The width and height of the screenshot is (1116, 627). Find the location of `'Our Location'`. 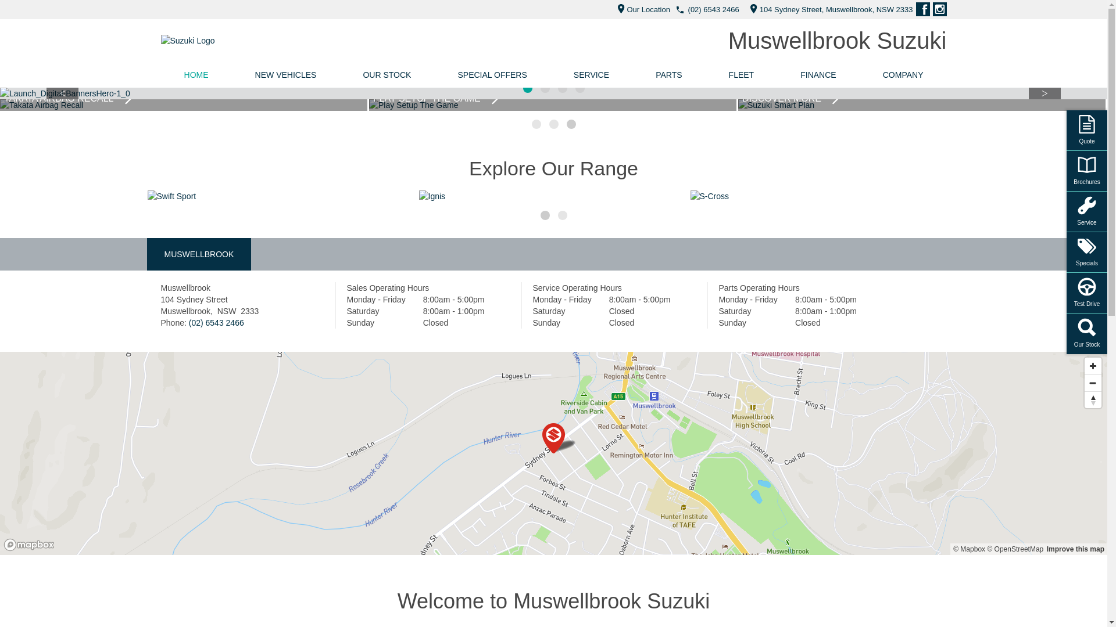

'Our Location' is located at coordinates (610, 9).